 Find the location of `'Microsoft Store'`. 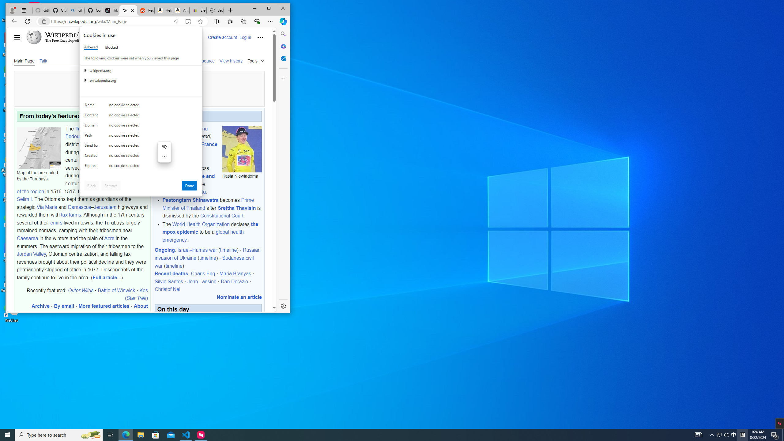

'Microsoft Store' is located at coordinates (156, 434).